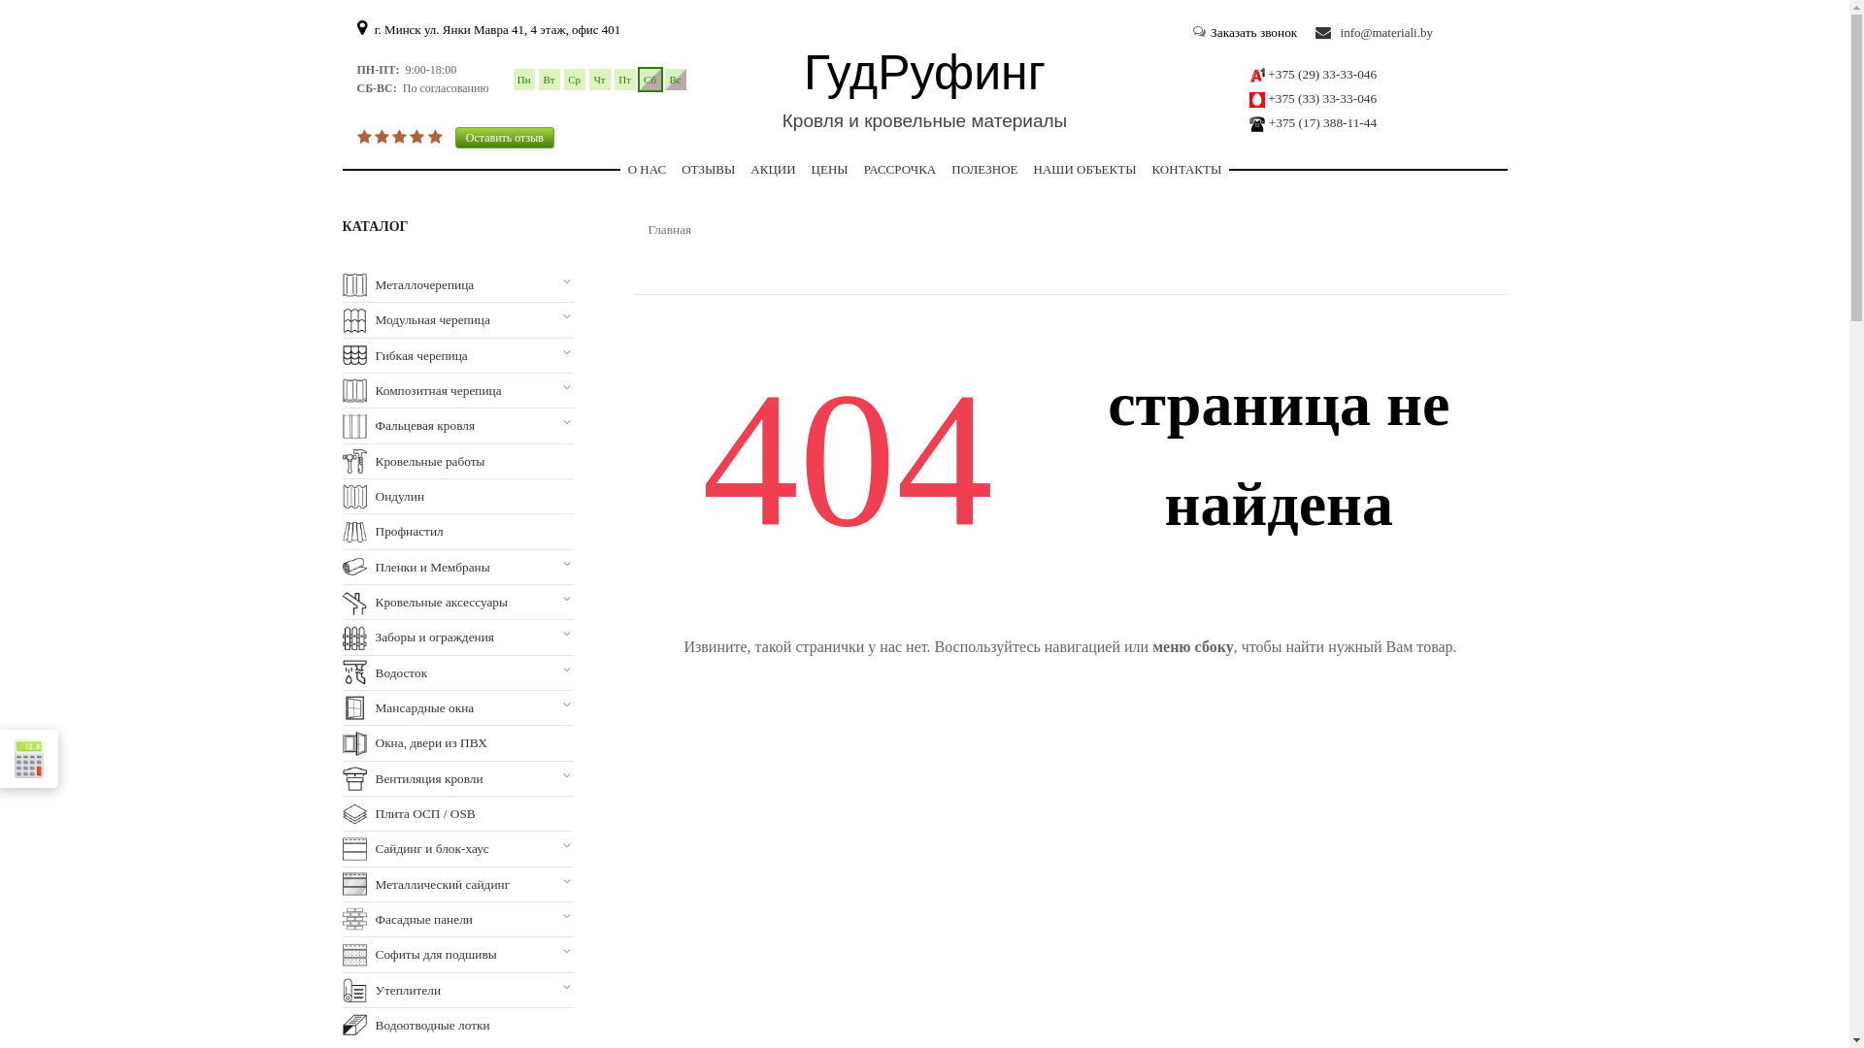 This screenshot has height=1048, width=1864. Describe the element at coordinates (1321, 73) in the screenshot. I see `'+375 (29) 33-33-046'` at that location.